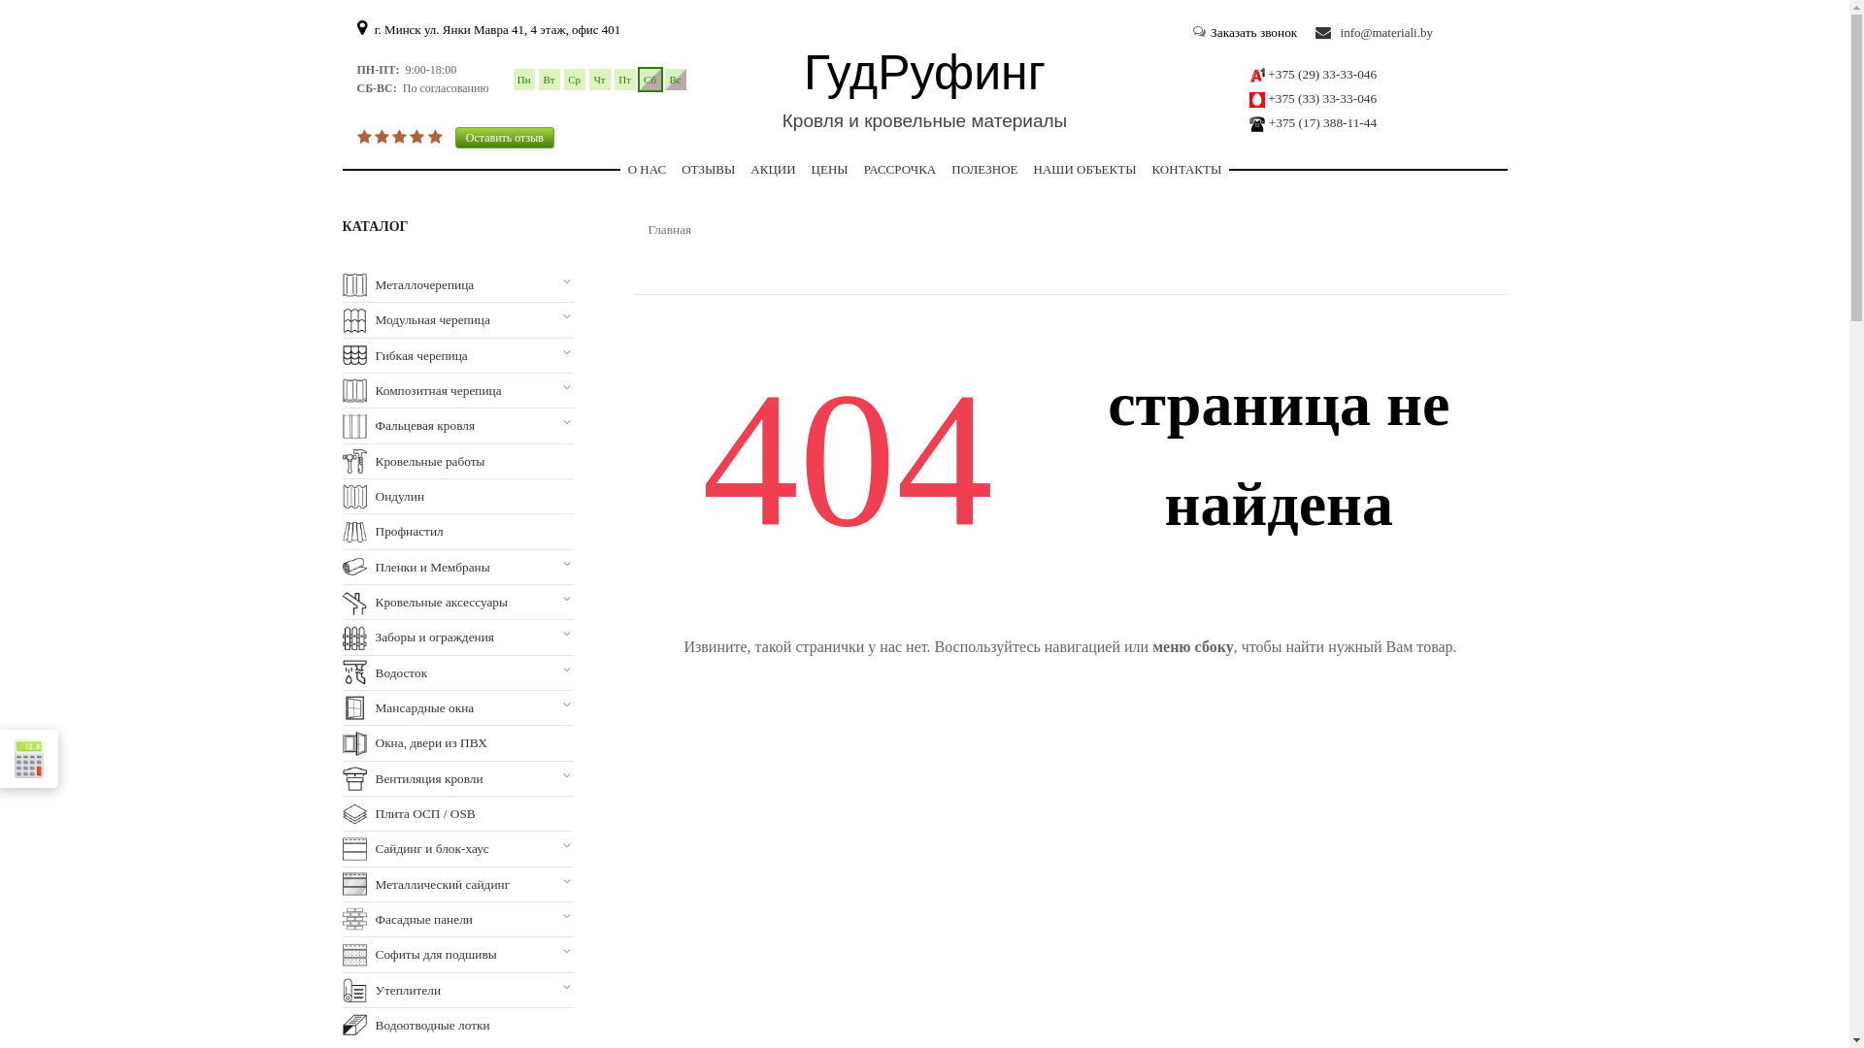 This screenshot has height=1048, width=1864. Describe the element at coordinates (1321, 73) in the screenshot. I see `'+375 (29) 33-33-046'` at that location.